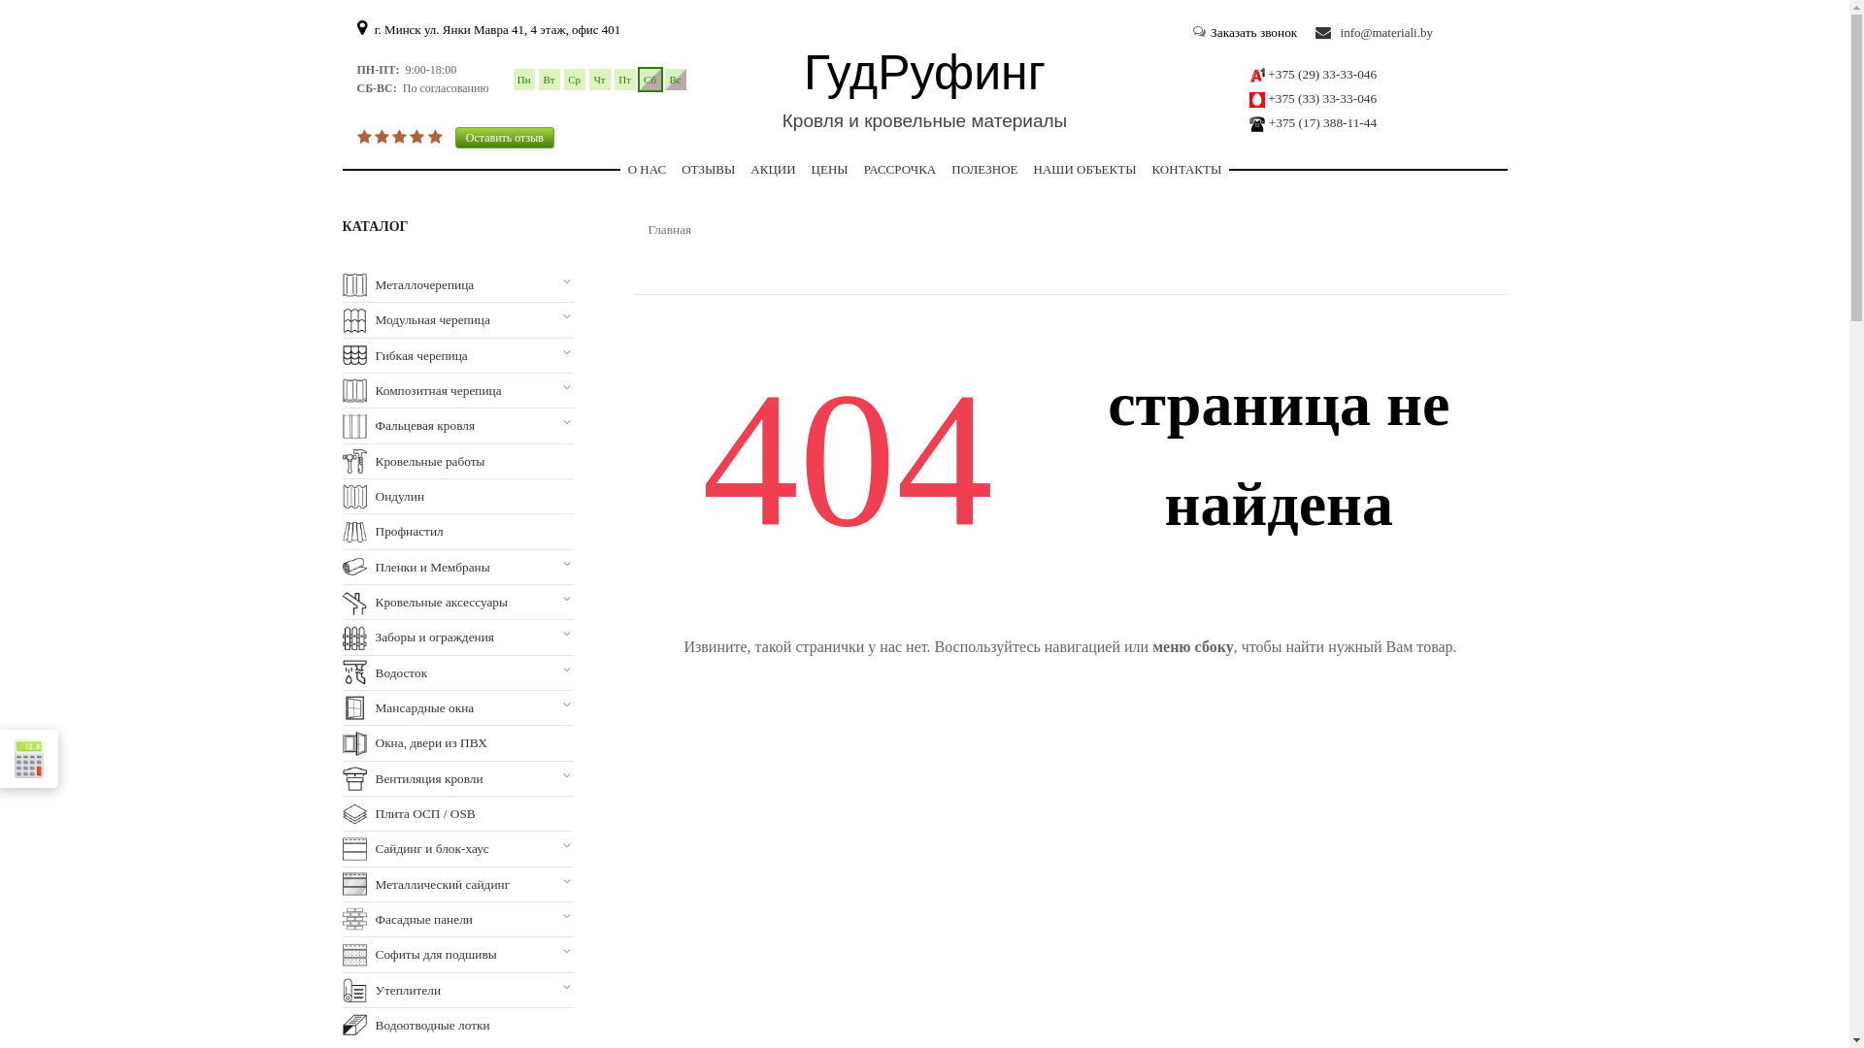 This screenshot has height=1048, width=1864. Describe the element at coordinates (1321, 73) in the screenshot. I see `'+375 (29) 33-33-046'` at that location.